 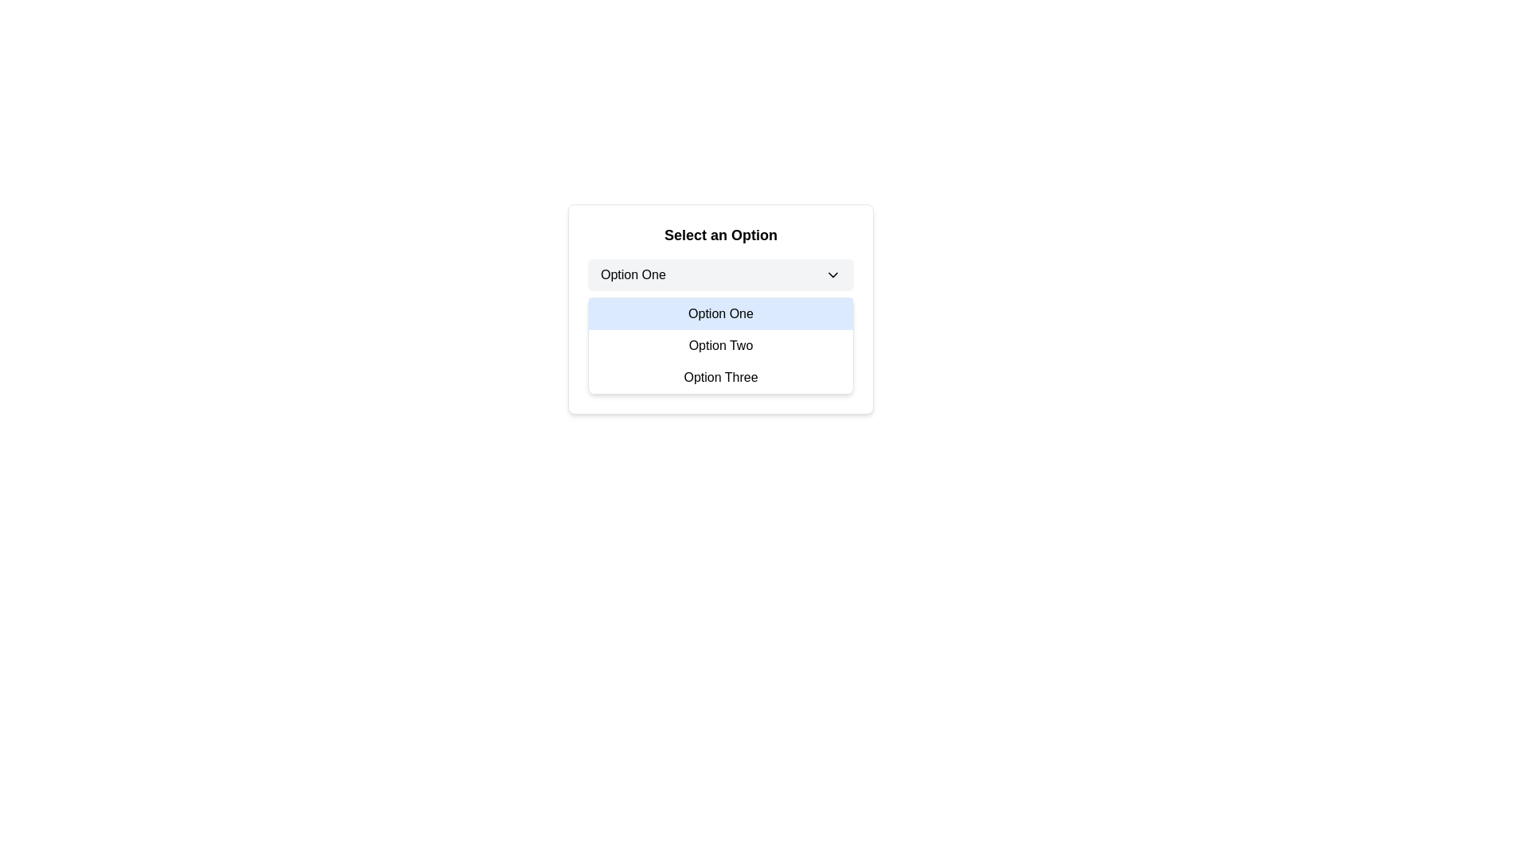 What do you see at coordinates (720, 309) in the screenshot?
I see `the first option labeled 'Option One' in the dropdown menu by clicking it` at bounding box center [720, 309].